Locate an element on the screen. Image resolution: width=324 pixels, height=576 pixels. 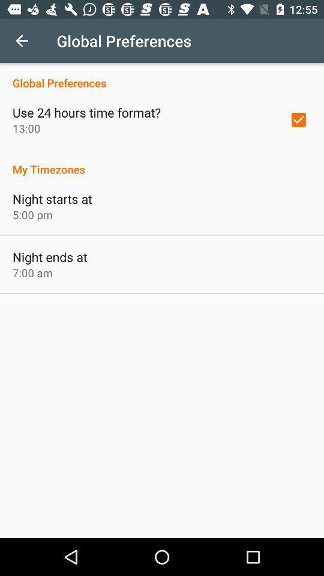
the item above the my timezones icon is located at coordinates (298, 119).